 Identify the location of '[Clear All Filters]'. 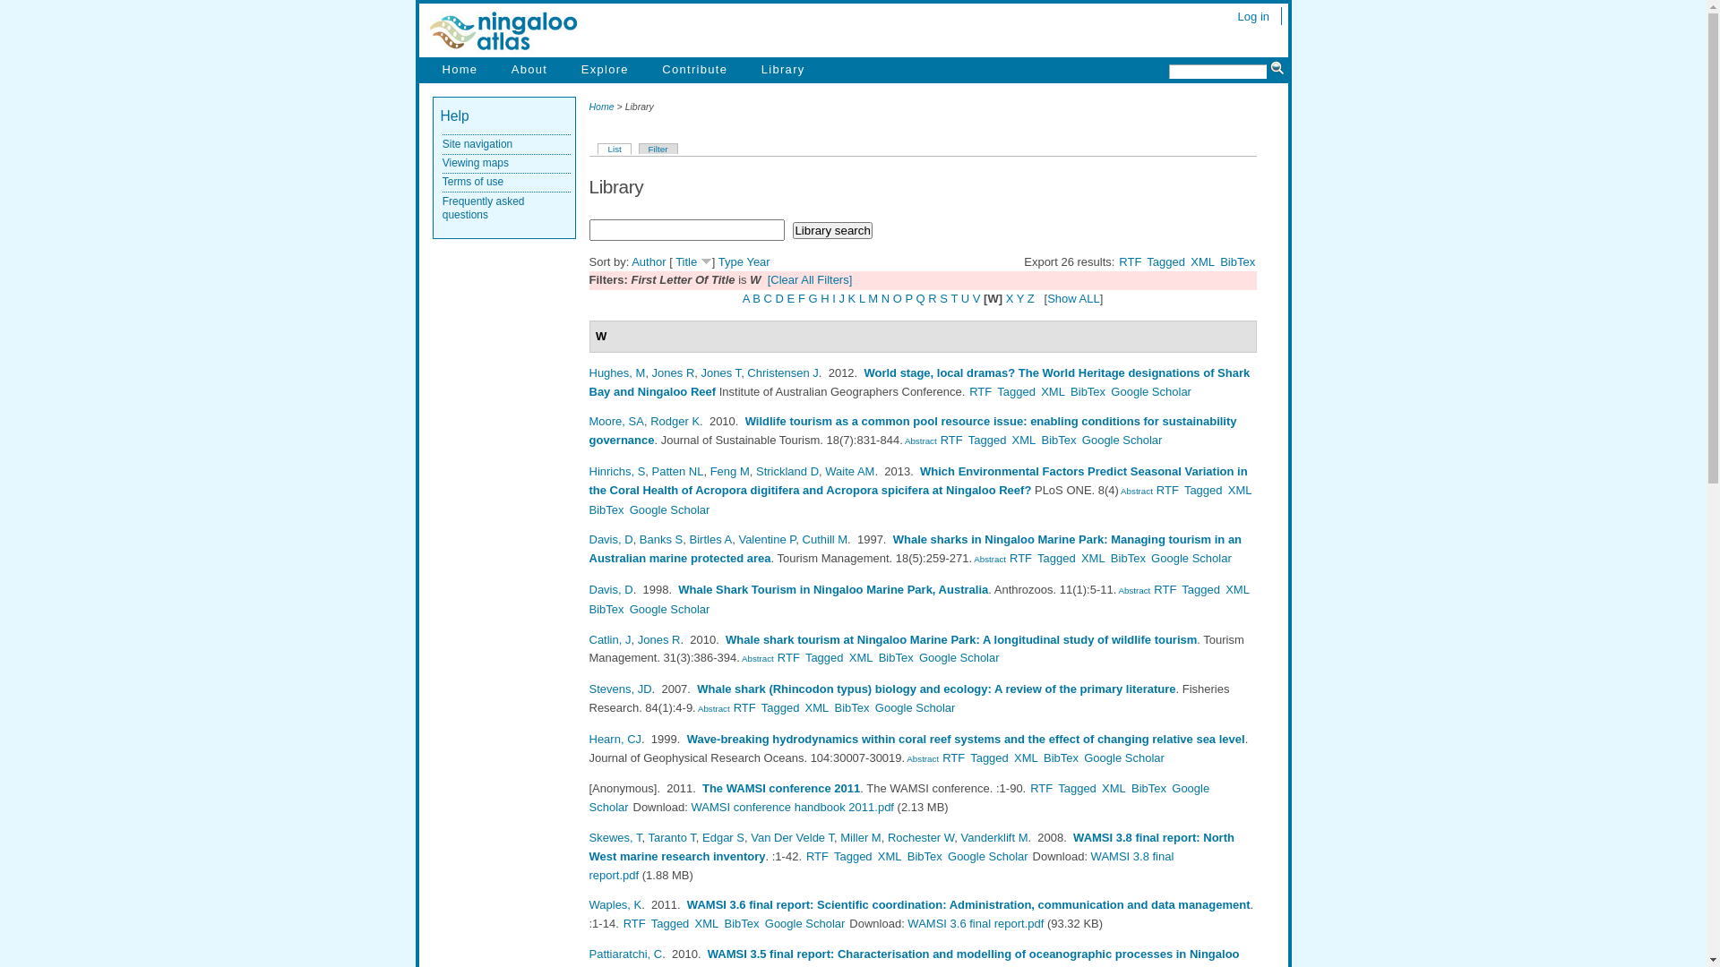
(809, 279).